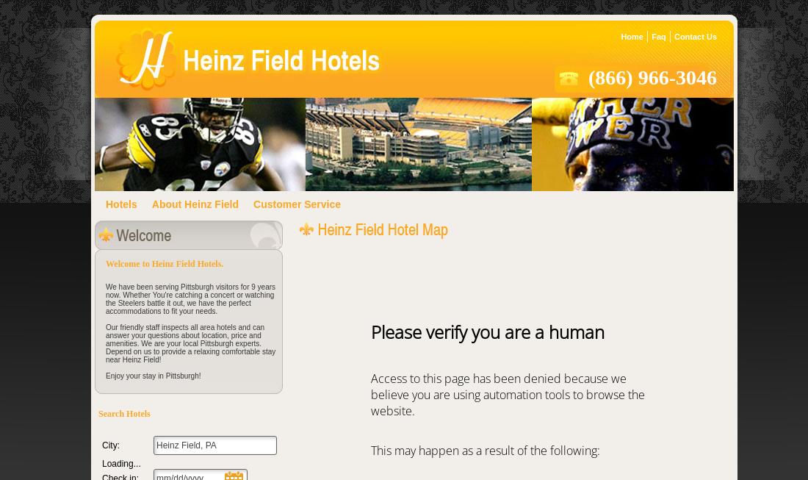 The width and height of the screenshot is (808, 480). I want to click on 'Customer Service', so click(297, 204).